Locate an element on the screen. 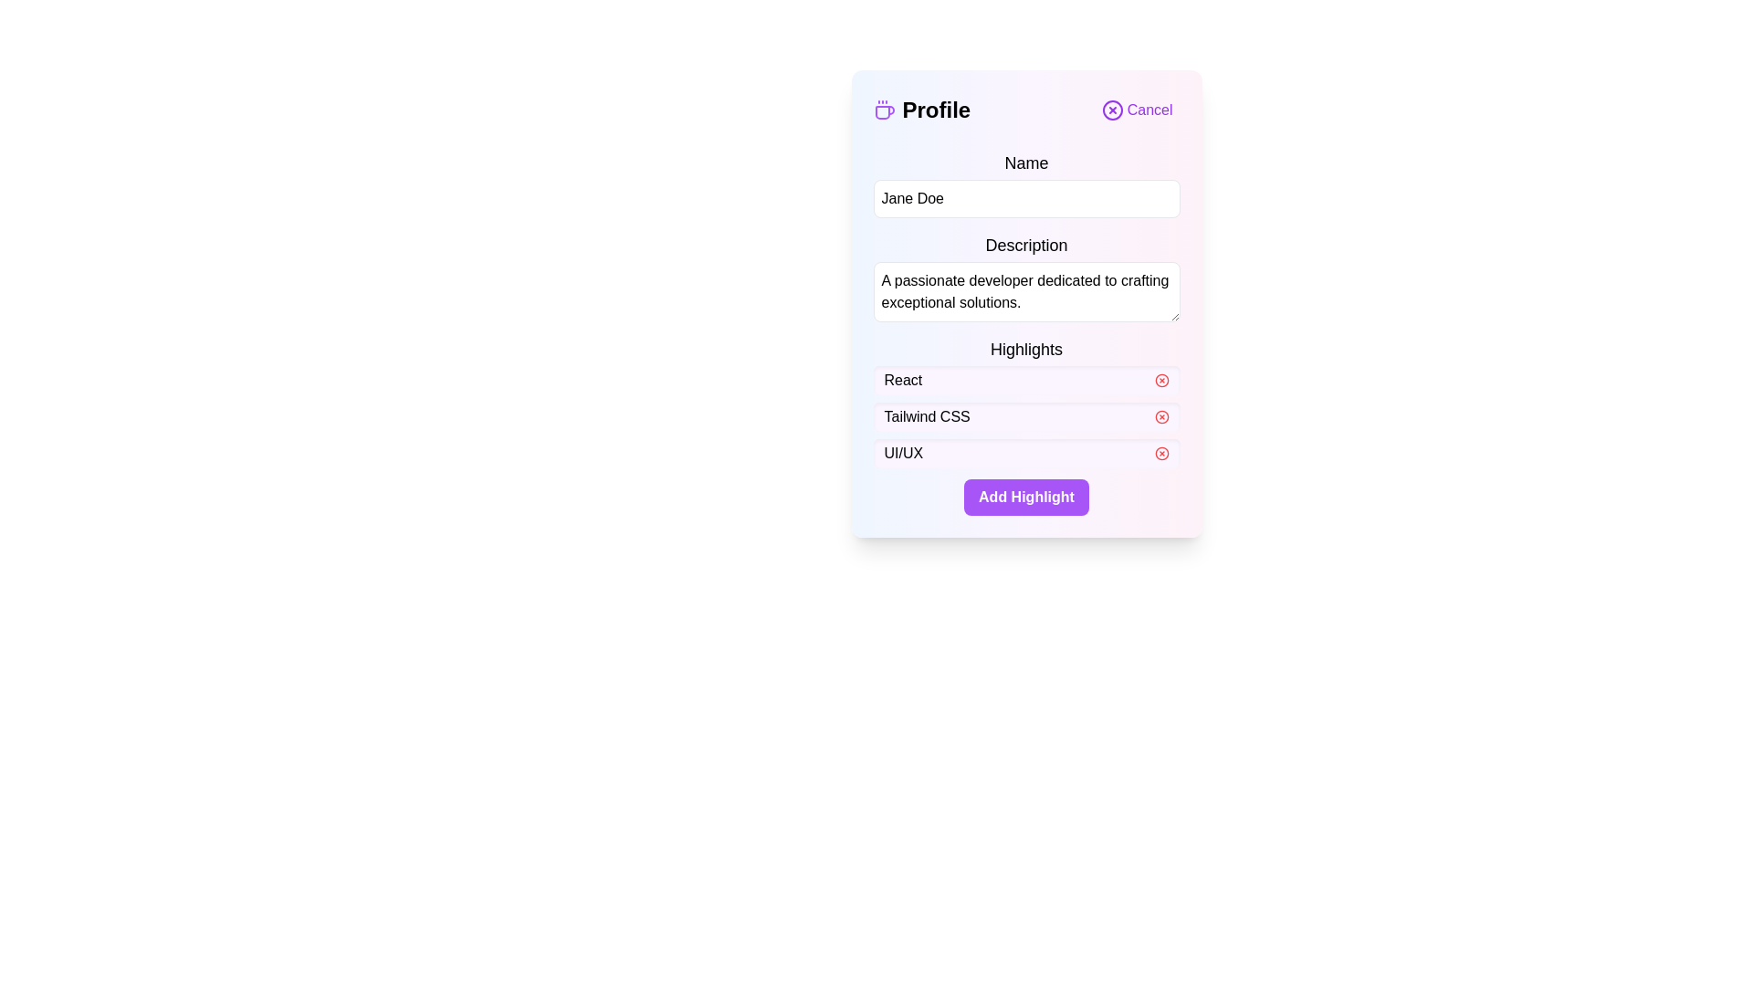 This screenshot has width=1753, height=986. the delete button associated with the 'UI/UX' tag is located at coordinates (1160, 453).